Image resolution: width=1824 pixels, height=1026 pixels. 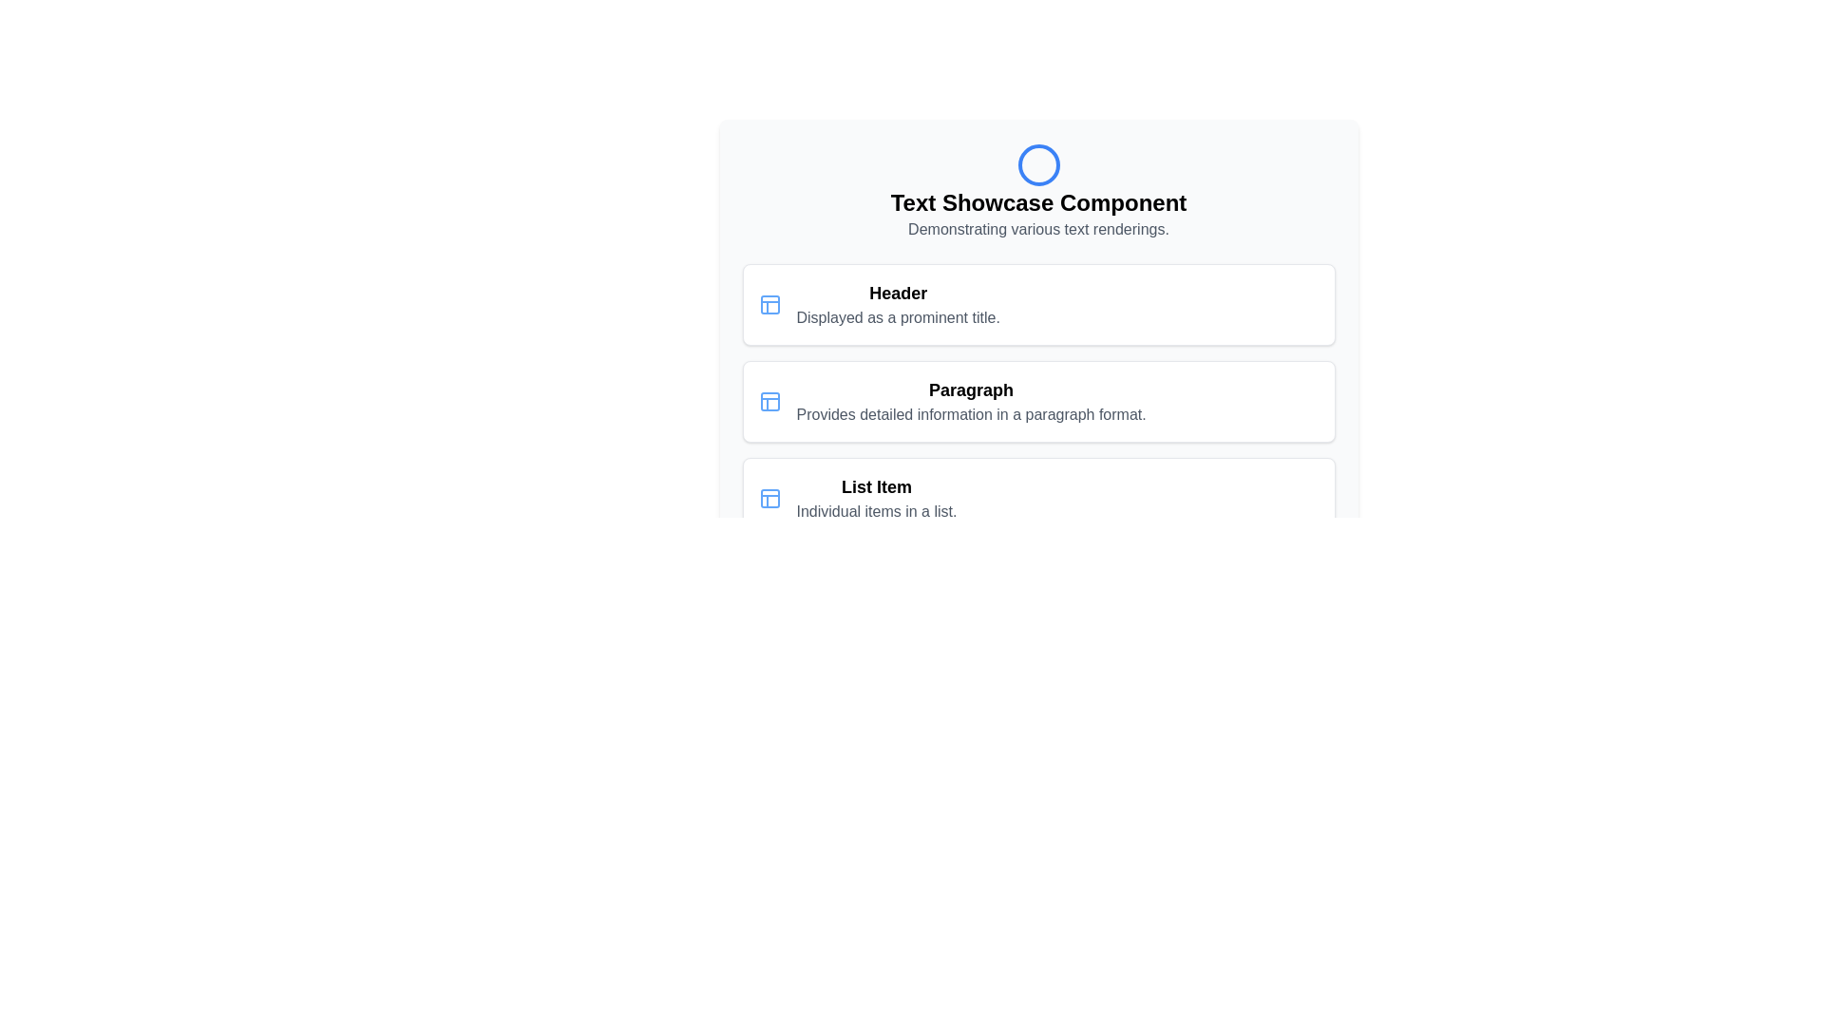 What do you see at coordinates (971, 389) in the screenshot?
I see `the Text Label that serves as the title for the second segment of a vertically stacked list, positioned between 'Header' and 'List Item'` at bounding box center [971, 389].